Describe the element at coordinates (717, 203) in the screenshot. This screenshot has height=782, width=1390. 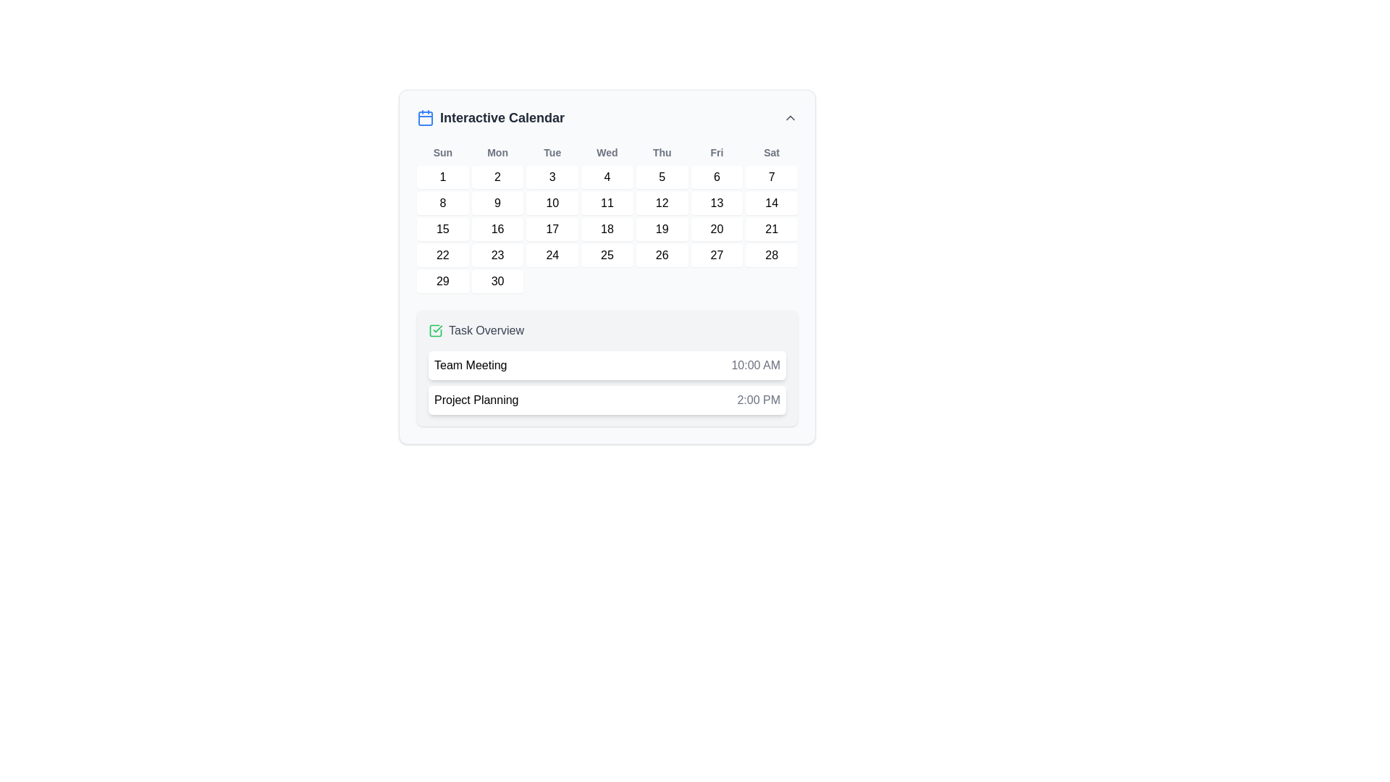
I see `the interactive calendar cell representing the date 13, located` at that location.